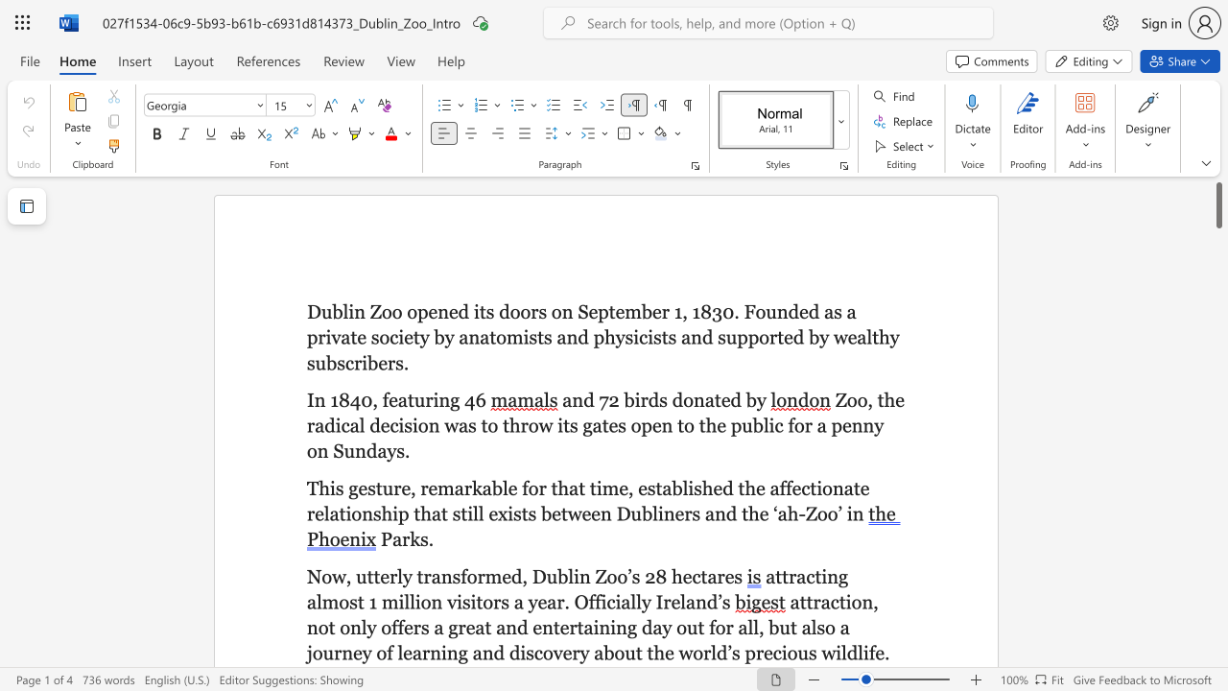 The height and width of the screenshot is (691, 1228). I want to click on the 3th character "a" in the text, so click(573, 487).